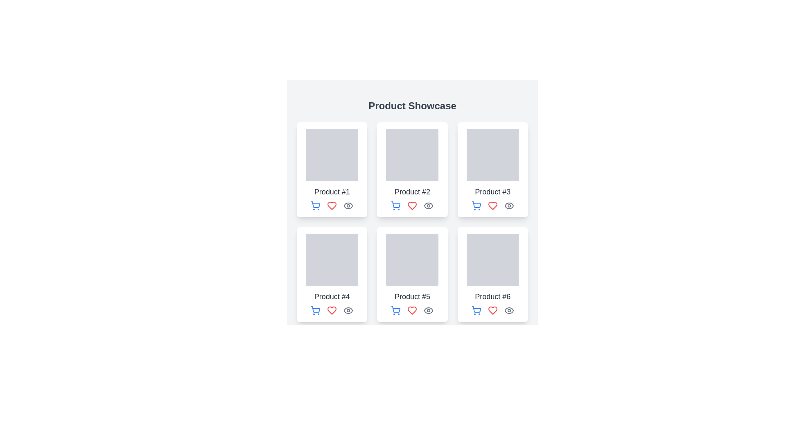 This screenshot has width=786, height=442. Describe the element at coordinates (508, 205) in the screenshot. I see `the eye icon component used to visually reinforce visibility in the action row for 'Product #3'` at that location.